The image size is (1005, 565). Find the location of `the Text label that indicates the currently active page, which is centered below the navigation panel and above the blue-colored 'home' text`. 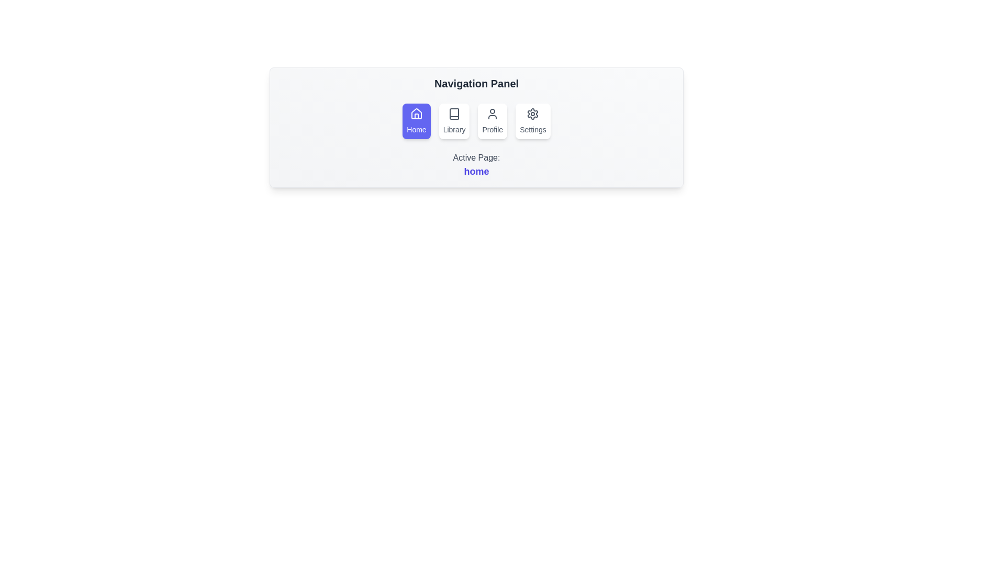

the Text label that indicates the currently active page, which is centered below the navigation panel and above the blue-colored 'home' text is located at coordinates (476, 157).